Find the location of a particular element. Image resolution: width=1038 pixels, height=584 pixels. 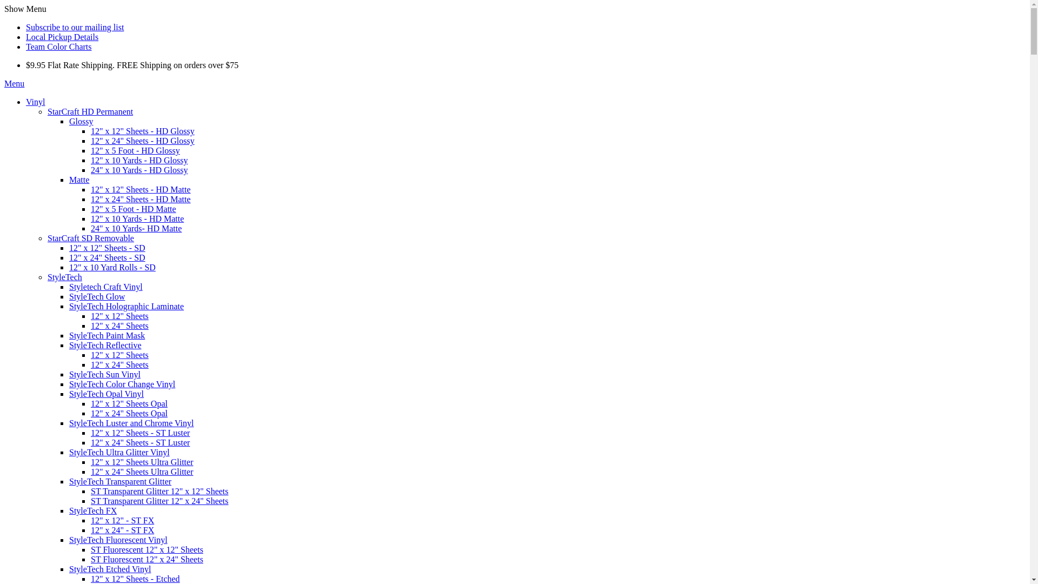

'12" x 24" Sheets - ST Luster' is located at coordinates (91, 442).